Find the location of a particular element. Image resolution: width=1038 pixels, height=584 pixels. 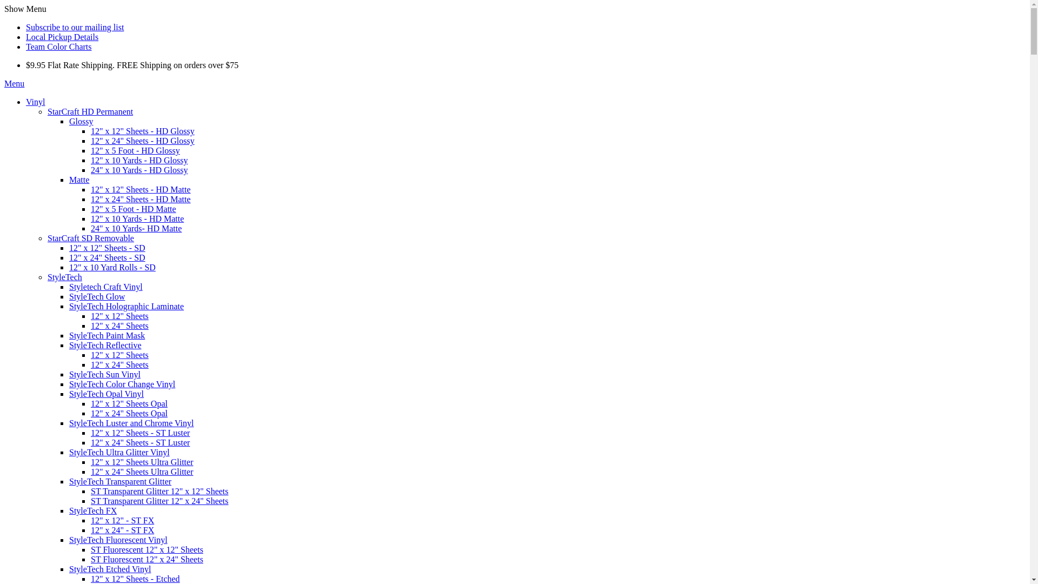

'12" x 24" Sheets - ST Luster' is located at coordinates (91, 442).